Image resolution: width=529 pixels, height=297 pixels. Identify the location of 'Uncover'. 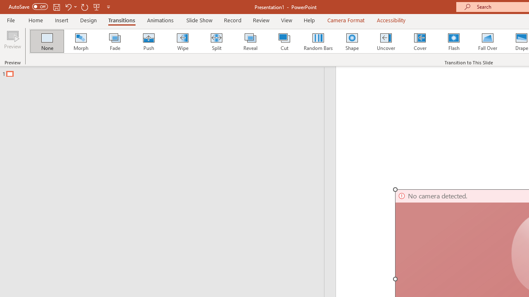
(386, 41).